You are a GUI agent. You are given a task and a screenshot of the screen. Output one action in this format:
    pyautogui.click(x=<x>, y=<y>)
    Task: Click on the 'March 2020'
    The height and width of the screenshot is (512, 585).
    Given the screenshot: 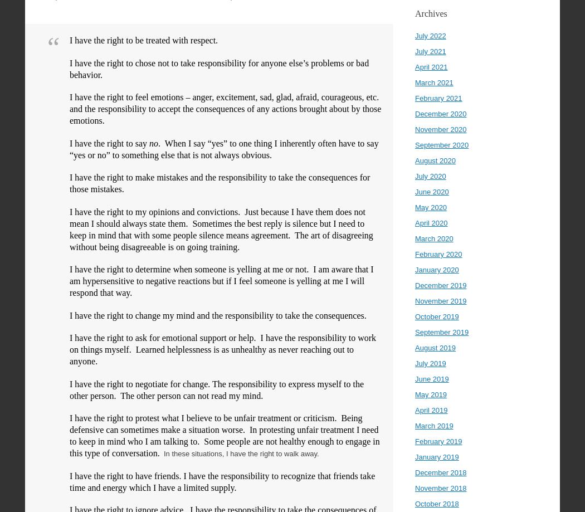 What is the action you would take?
    pyautogui.click(x=414, y=238)
    